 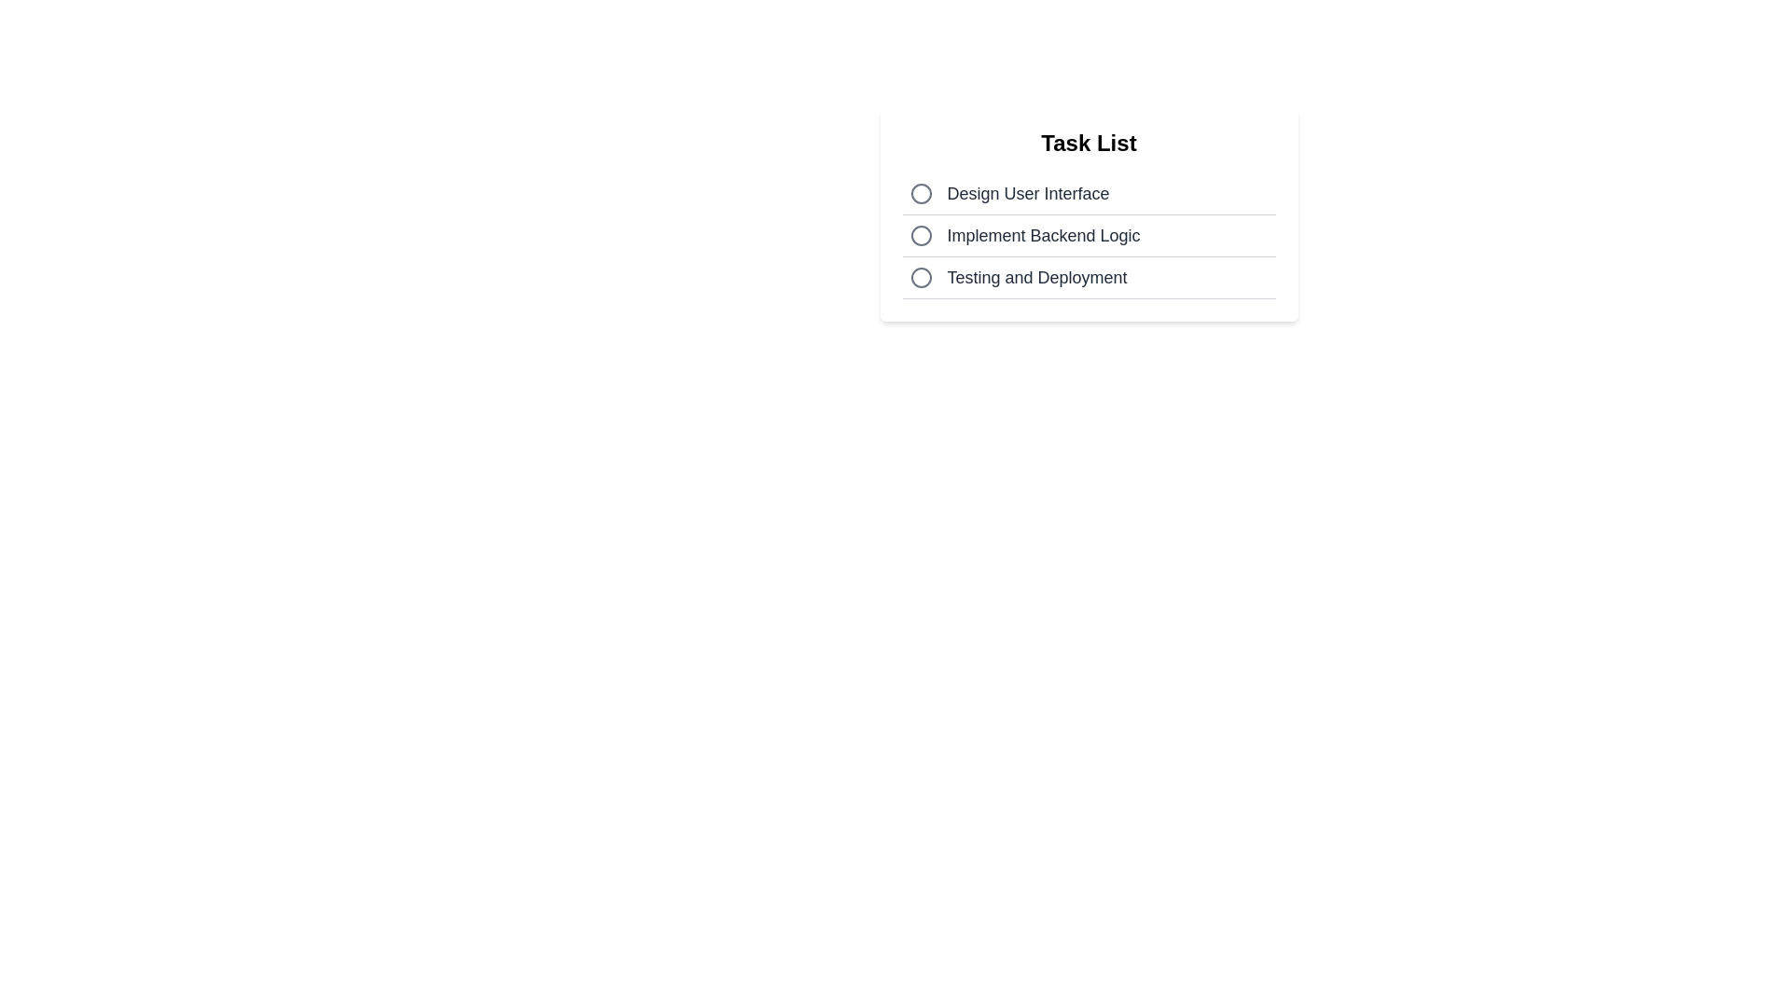 I want to click on the interactive checkbox for the task 'Implement Backend Logic', so click(x=921, y=235).